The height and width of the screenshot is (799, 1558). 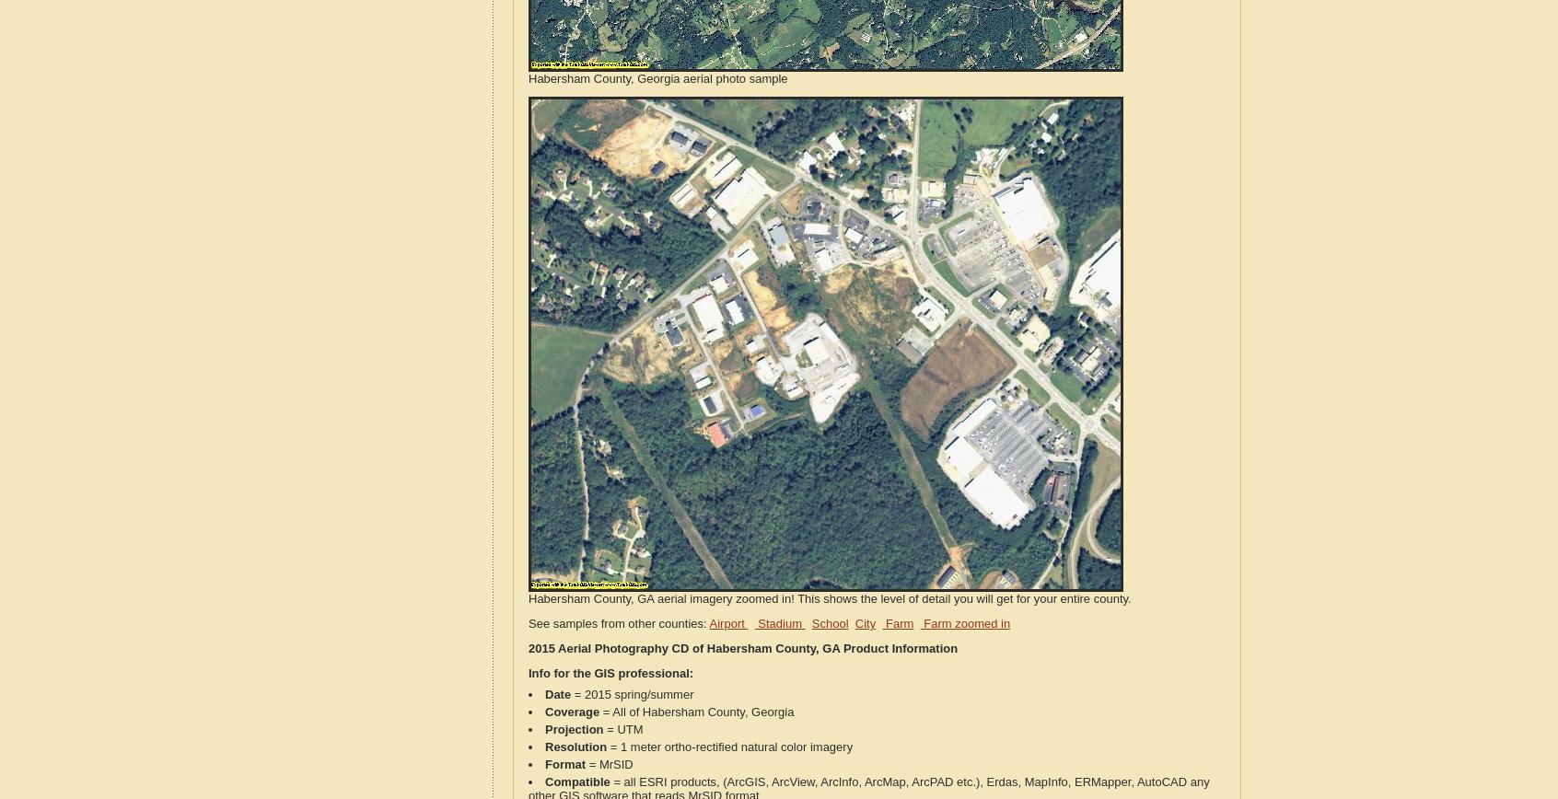 What do you see at coordinates (610, 673) in the screenshot?
I see `'Info for the GIS professional:'` at bounding box center [610, 673].